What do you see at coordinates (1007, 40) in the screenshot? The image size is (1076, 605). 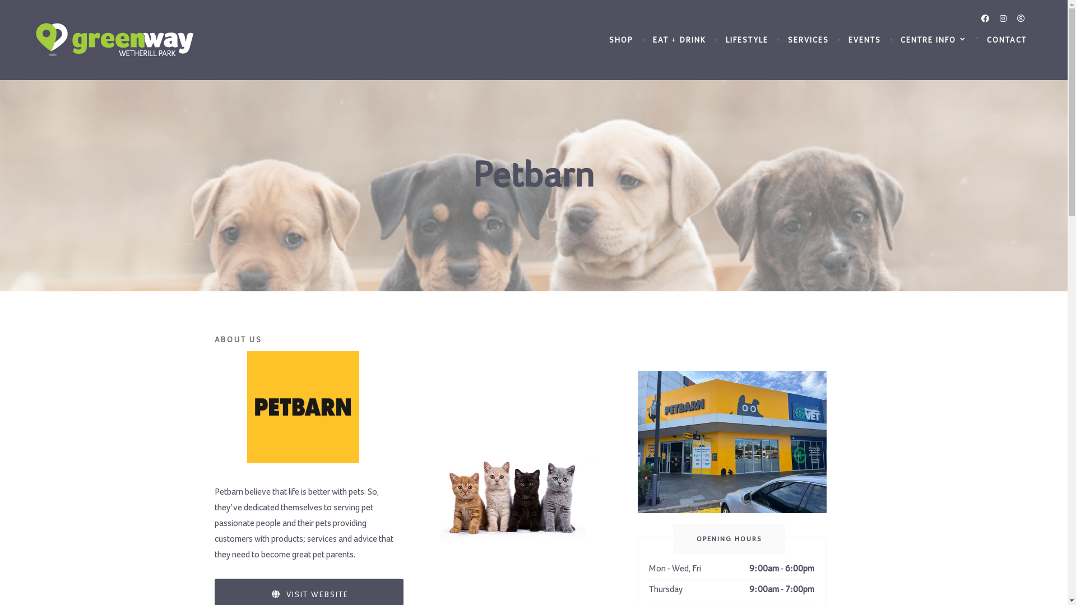 I see `'CONTACT'` at bounding box center [1007, 40].